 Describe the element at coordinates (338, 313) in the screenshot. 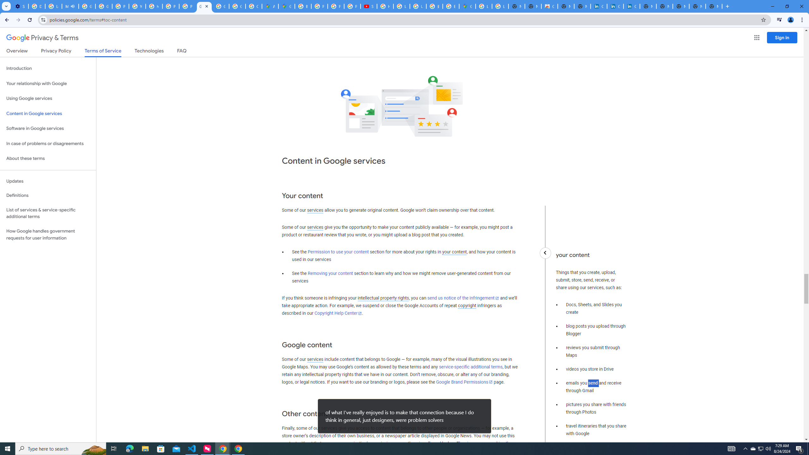

I see `'Copyright Help Center'` at that location.